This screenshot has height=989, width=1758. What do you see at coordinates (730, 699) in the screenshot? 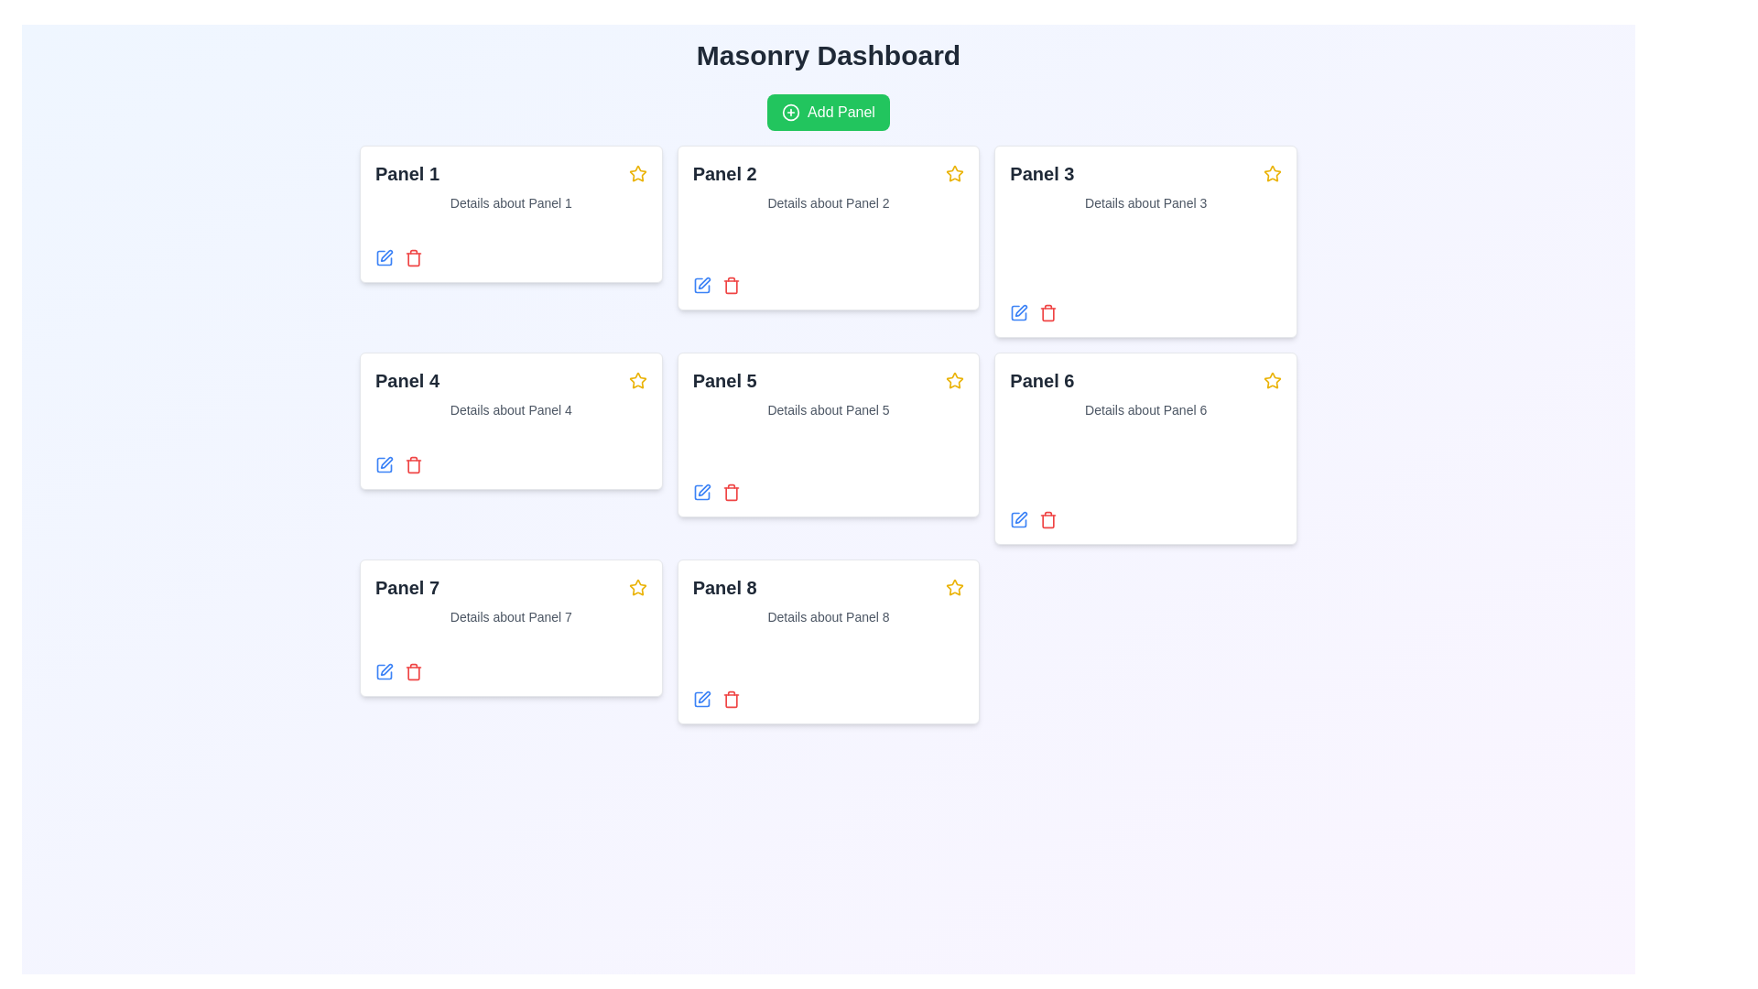
I see `the delete button located in the bottom-right corner of 'Panel 8'` at bounding box center [730, 699].